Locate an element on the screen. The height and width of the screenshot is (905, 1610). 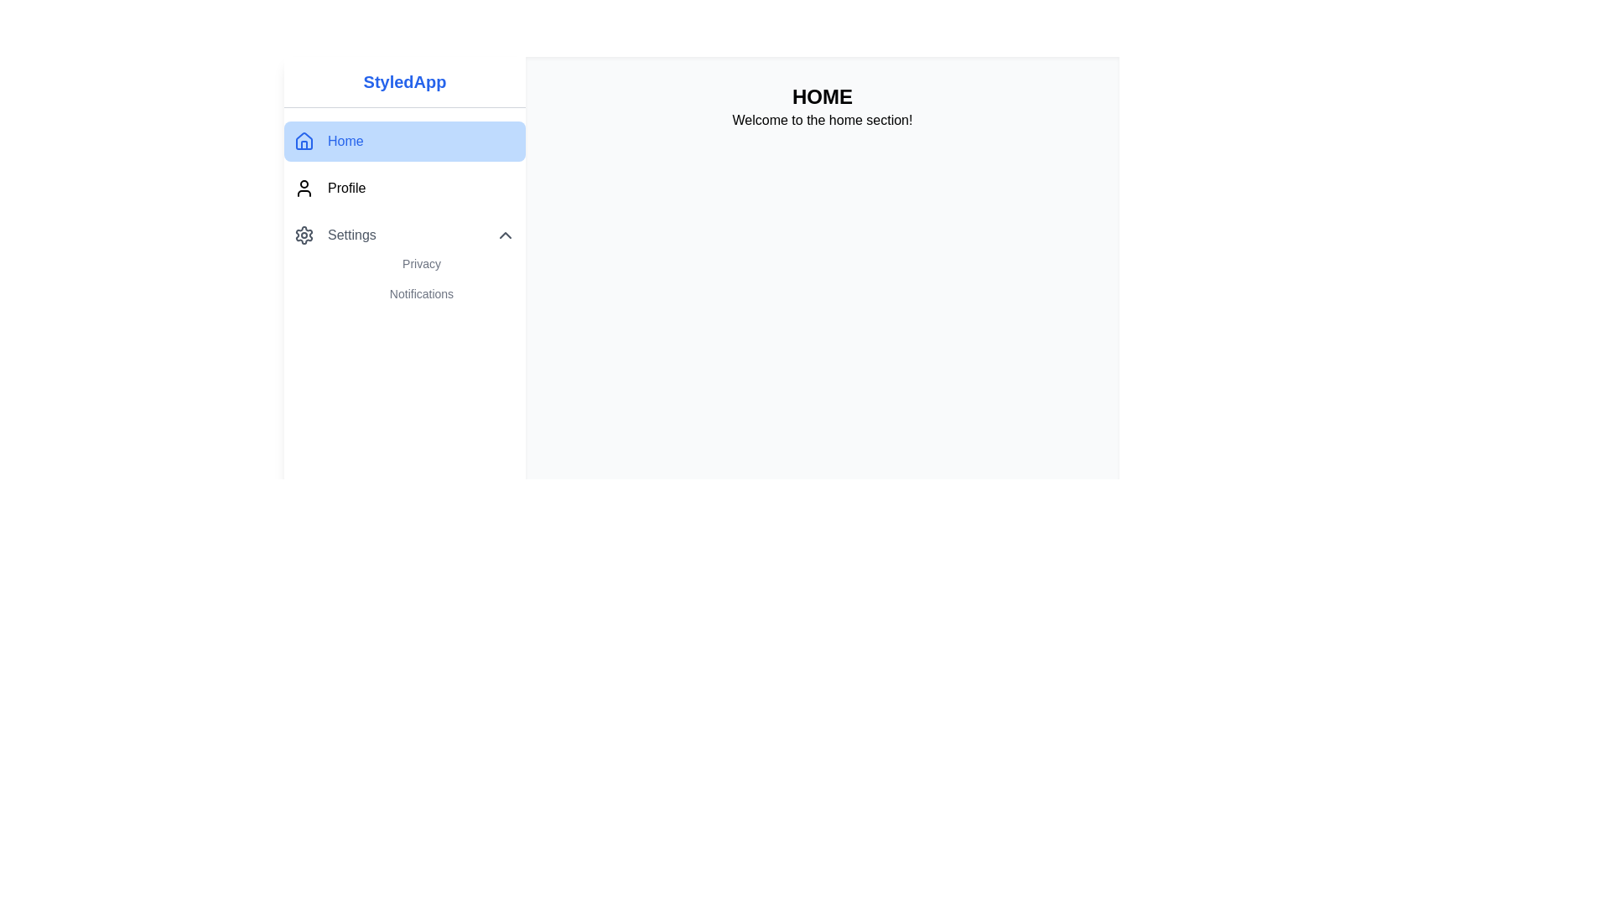
the navigation item located is located at coordinates (335, 235).